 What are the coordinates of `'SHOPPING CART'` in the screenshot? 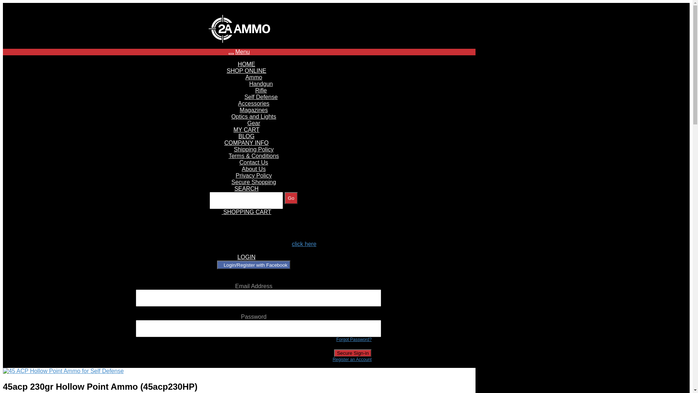 It's located at (246, 212).